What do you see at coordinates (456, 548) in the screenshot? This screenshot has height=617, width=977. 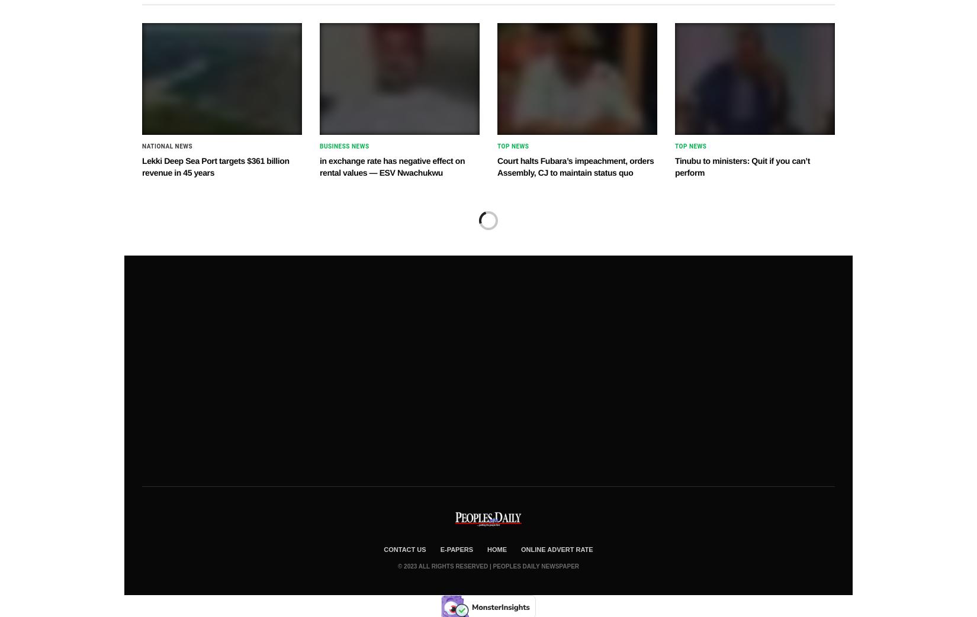 I see `'e-Papers'` at bounding box center [456, 548].